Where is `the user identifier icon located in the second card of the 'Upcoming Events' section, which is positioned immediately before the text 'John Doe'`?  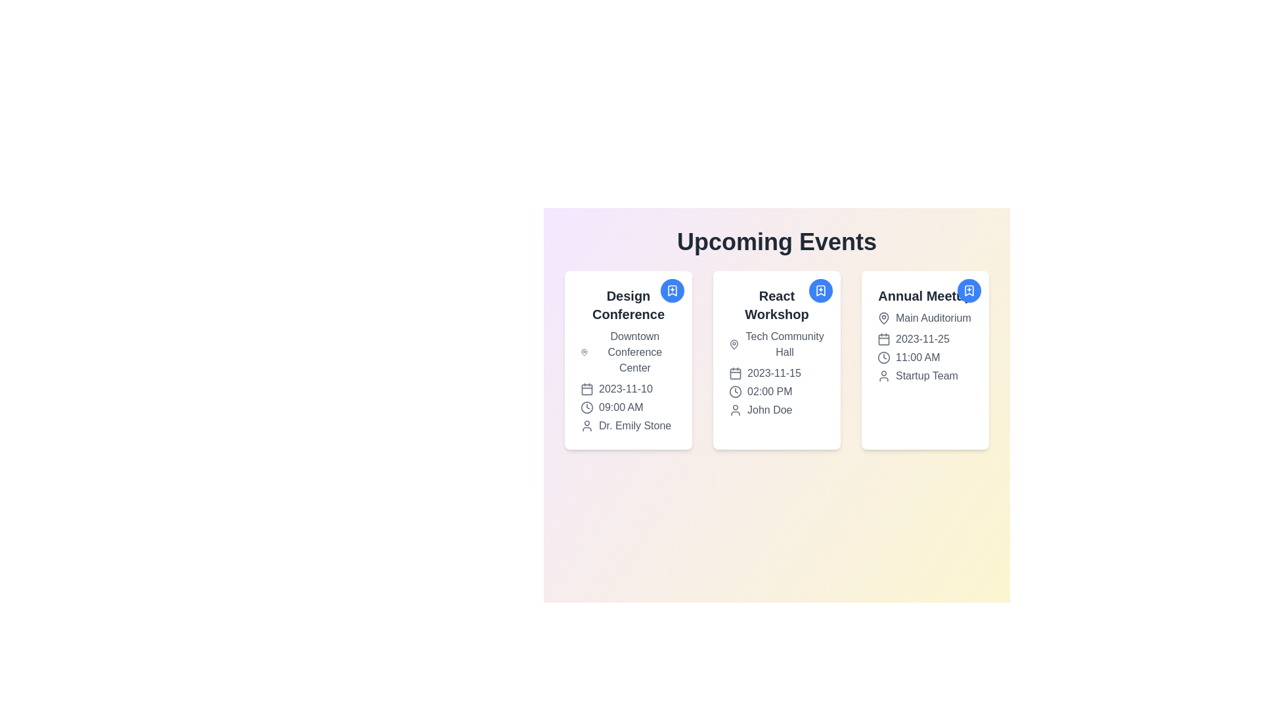
the user identifier icon located in the second card of the 'Upcoming Events' section, which is positioned immediately before the text 'John Doe' is located at coordinates (734, 409).